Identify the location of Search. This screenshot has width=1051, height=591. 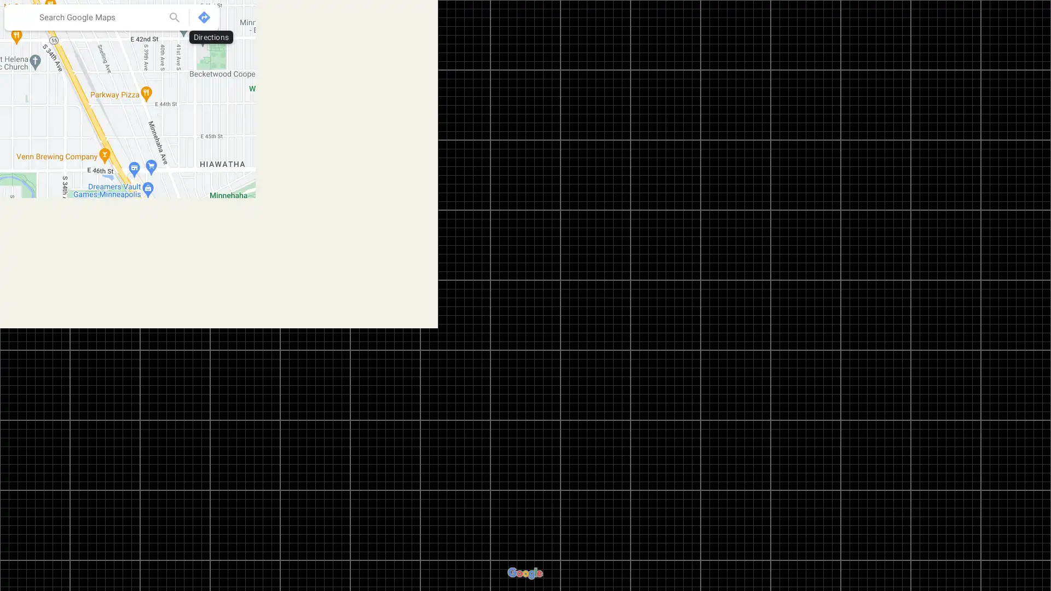
(174, 17).